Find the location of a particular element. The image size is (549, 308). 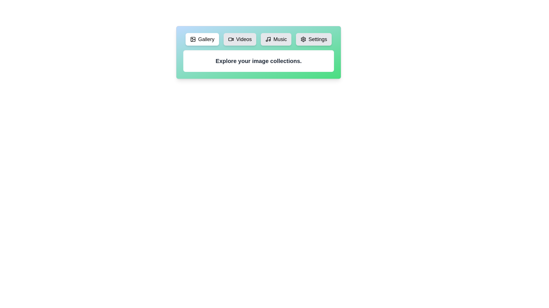

the tab labeled Gallery to view its content is located at coordinates (202, 39).